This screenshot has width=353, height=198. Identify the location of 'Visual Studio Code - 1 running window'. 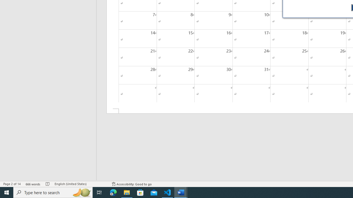
(167, 192).